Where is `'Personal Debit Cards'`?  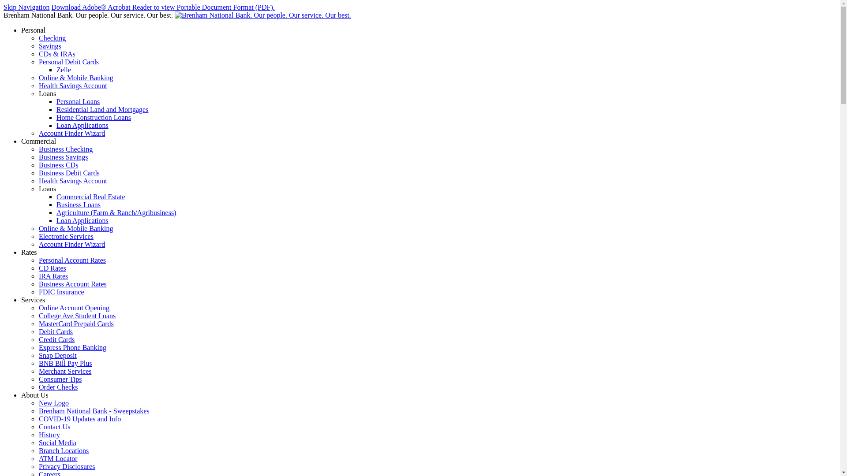
'Personal Debit Cards' is located at coordinates (68, 61).